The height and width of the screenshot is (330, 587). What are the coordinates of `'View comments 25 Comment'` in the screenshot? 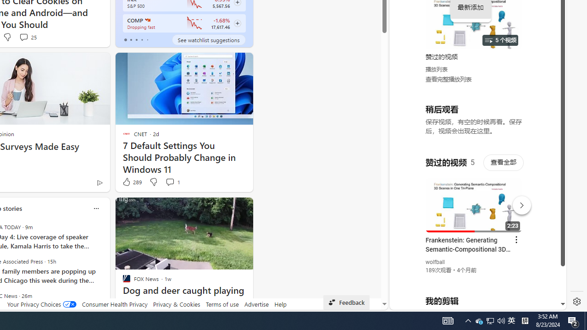 It's located at (23, 37).